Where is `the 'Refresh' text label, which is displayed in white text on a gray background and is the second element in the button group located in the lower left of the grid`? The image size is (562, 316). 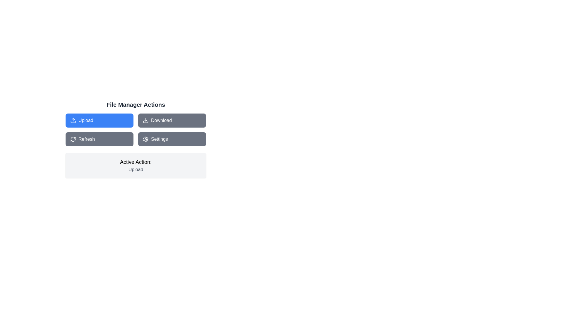 the 'Refresh' text label, which is displayed in white text on a gray background and is the second element in the button group located in the lower left of the grid is located at coordinates (86, 139).